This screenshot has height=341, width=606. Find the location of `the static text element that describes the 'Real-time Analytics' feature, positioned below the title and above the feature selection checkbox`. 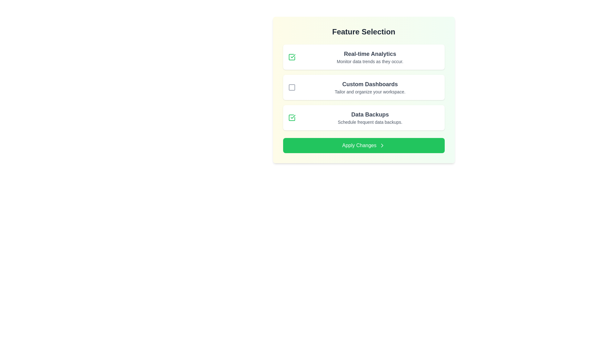

the static text element that describes the 'Real-time Analytics' feature, positioned below the title and above the feature selection checkbox is located at coordinates (370, 62).